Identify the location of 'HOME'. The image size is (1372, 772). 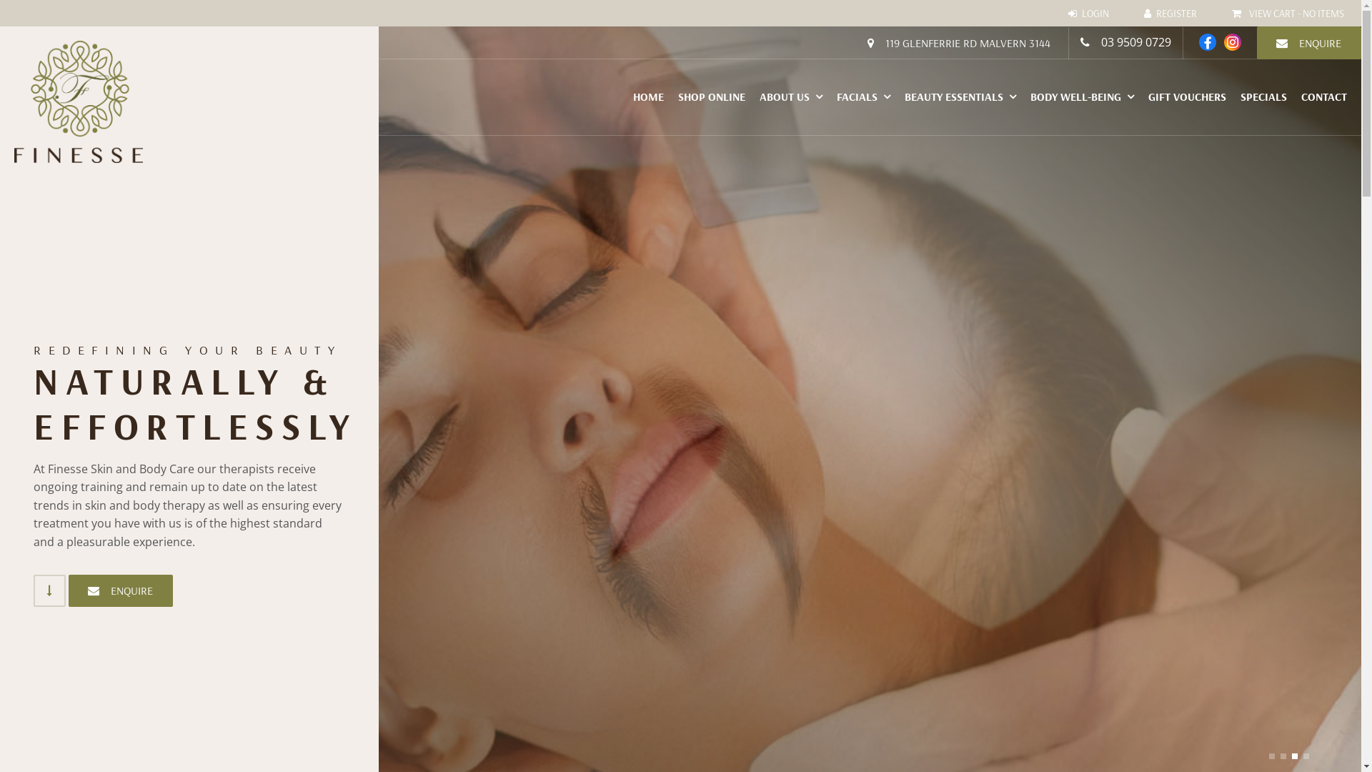
(647, 96).